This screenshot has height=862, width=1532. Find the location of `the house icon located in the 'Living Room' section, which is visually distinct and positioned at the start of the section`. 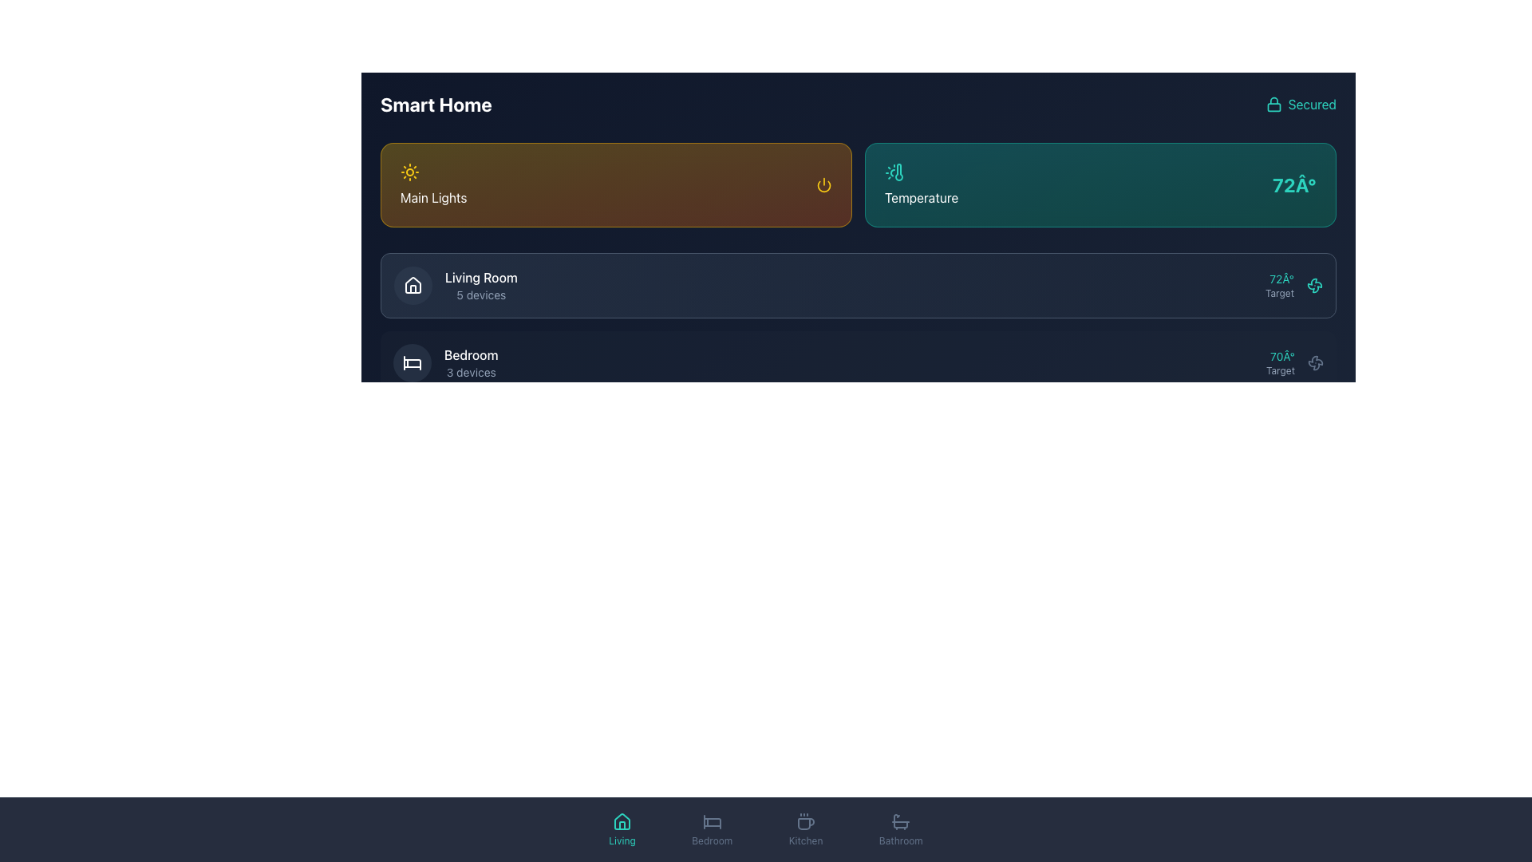

the house icon located in the 'Living Room' section, which is visually distinct and positioned at the start of the section is located at coordinates (413, 284).